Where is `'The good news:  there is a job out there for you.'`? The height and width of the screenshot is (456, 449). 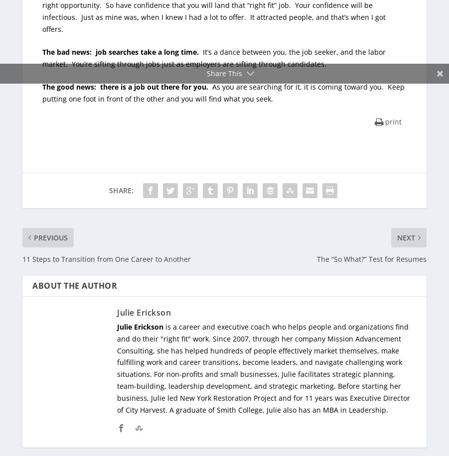 'The good news:  there is a job out there for you.' is located at coordinates (125, 86).